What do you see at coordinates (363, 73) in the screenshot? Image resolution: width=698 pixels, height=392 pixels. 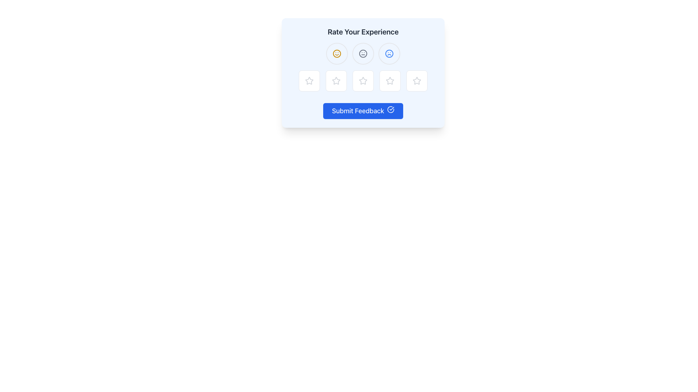 I see `the third star icon from the left in the rating row for customization` at bounding box center [363, 73].